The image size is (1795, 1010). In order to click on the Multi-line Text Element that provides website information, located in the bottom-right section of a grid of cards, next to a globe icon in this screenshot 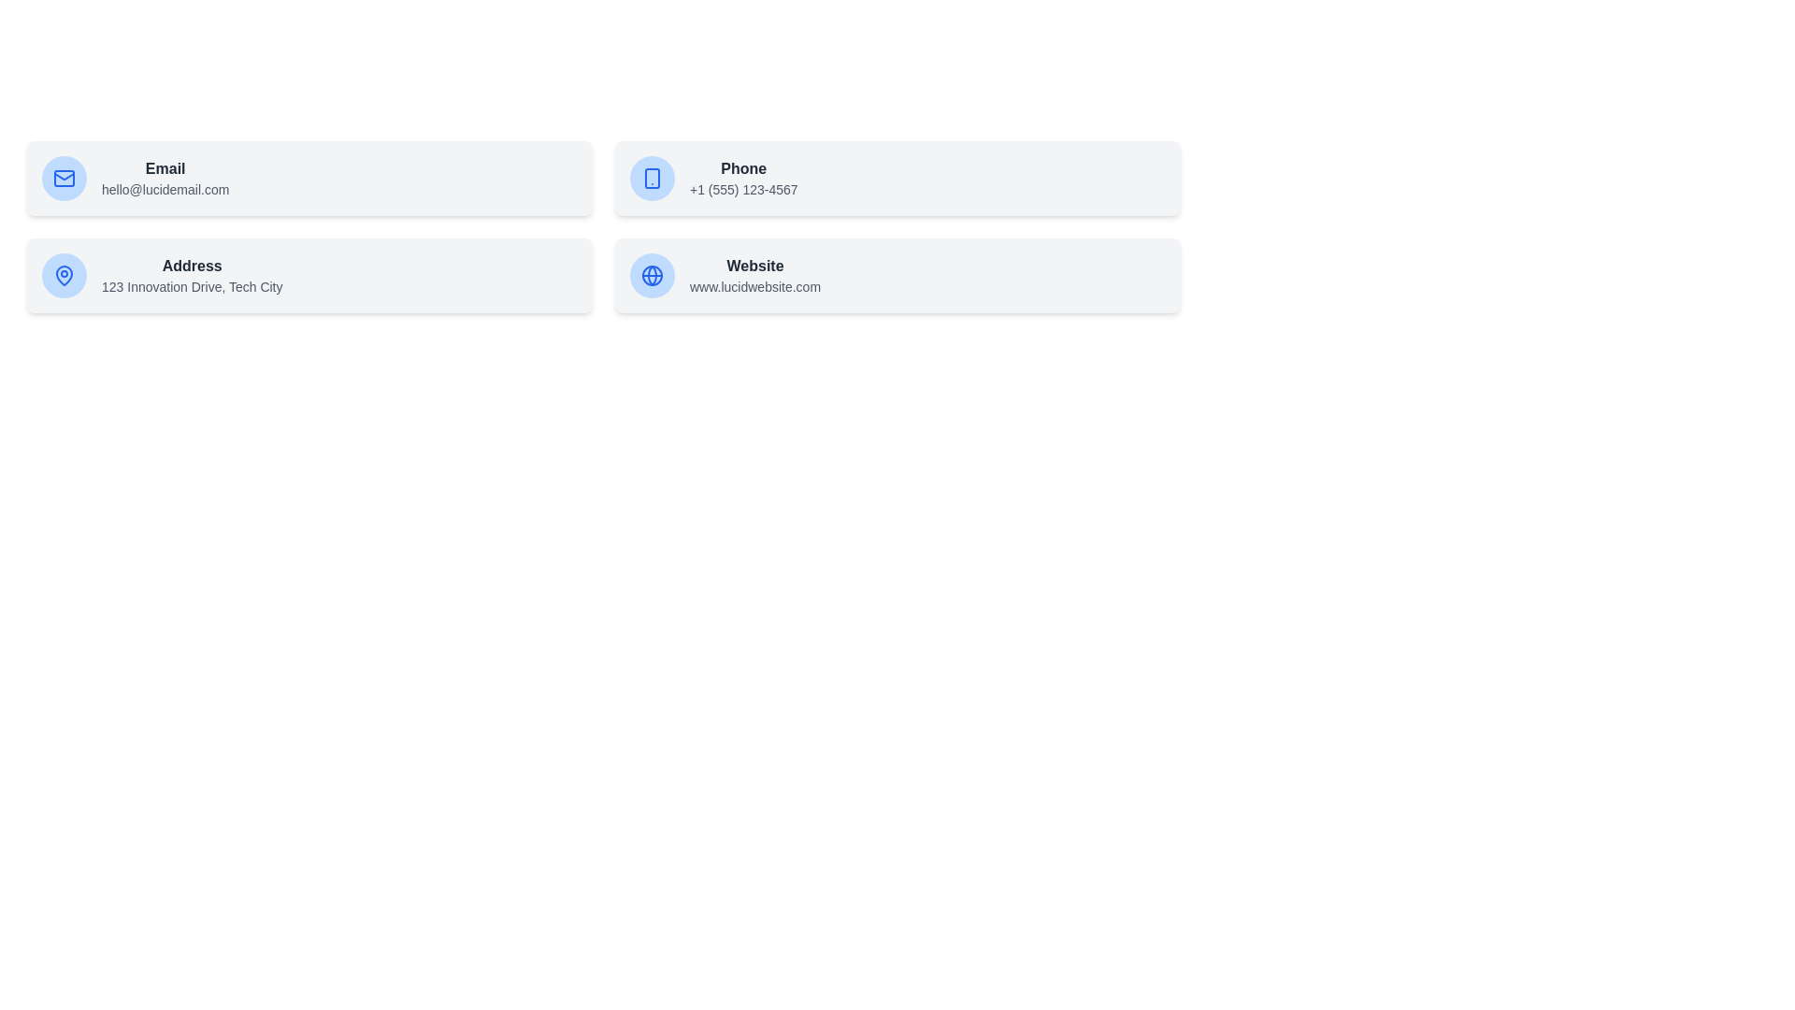, I will do `click(754, 275)`.